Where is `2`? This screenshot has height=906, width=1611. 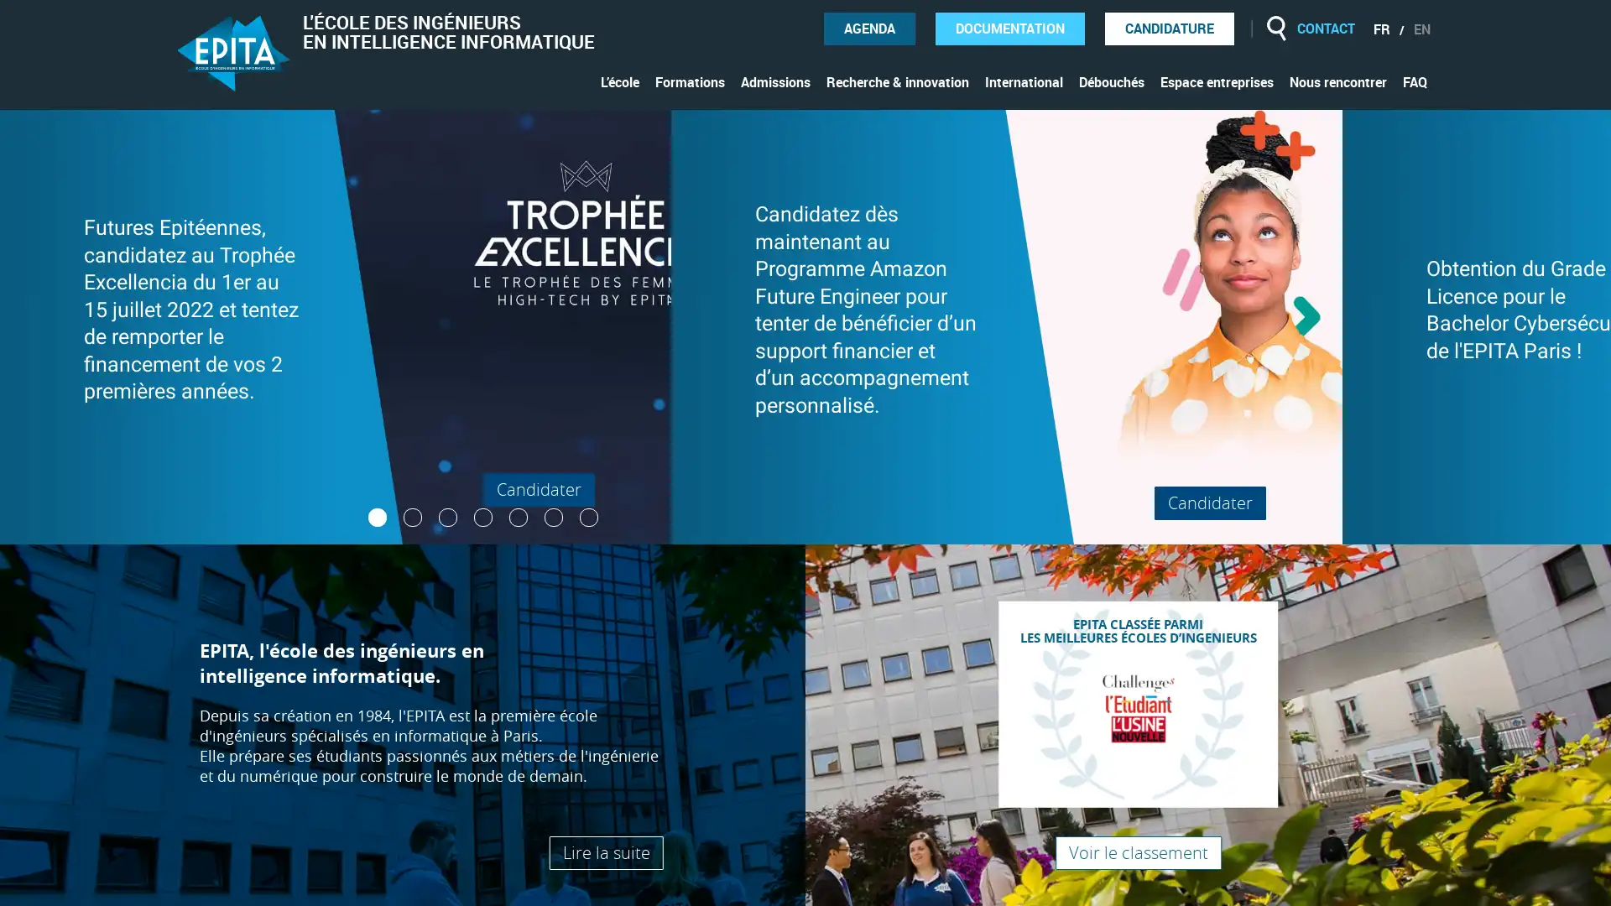
2 is located at coordinates (412, 513).